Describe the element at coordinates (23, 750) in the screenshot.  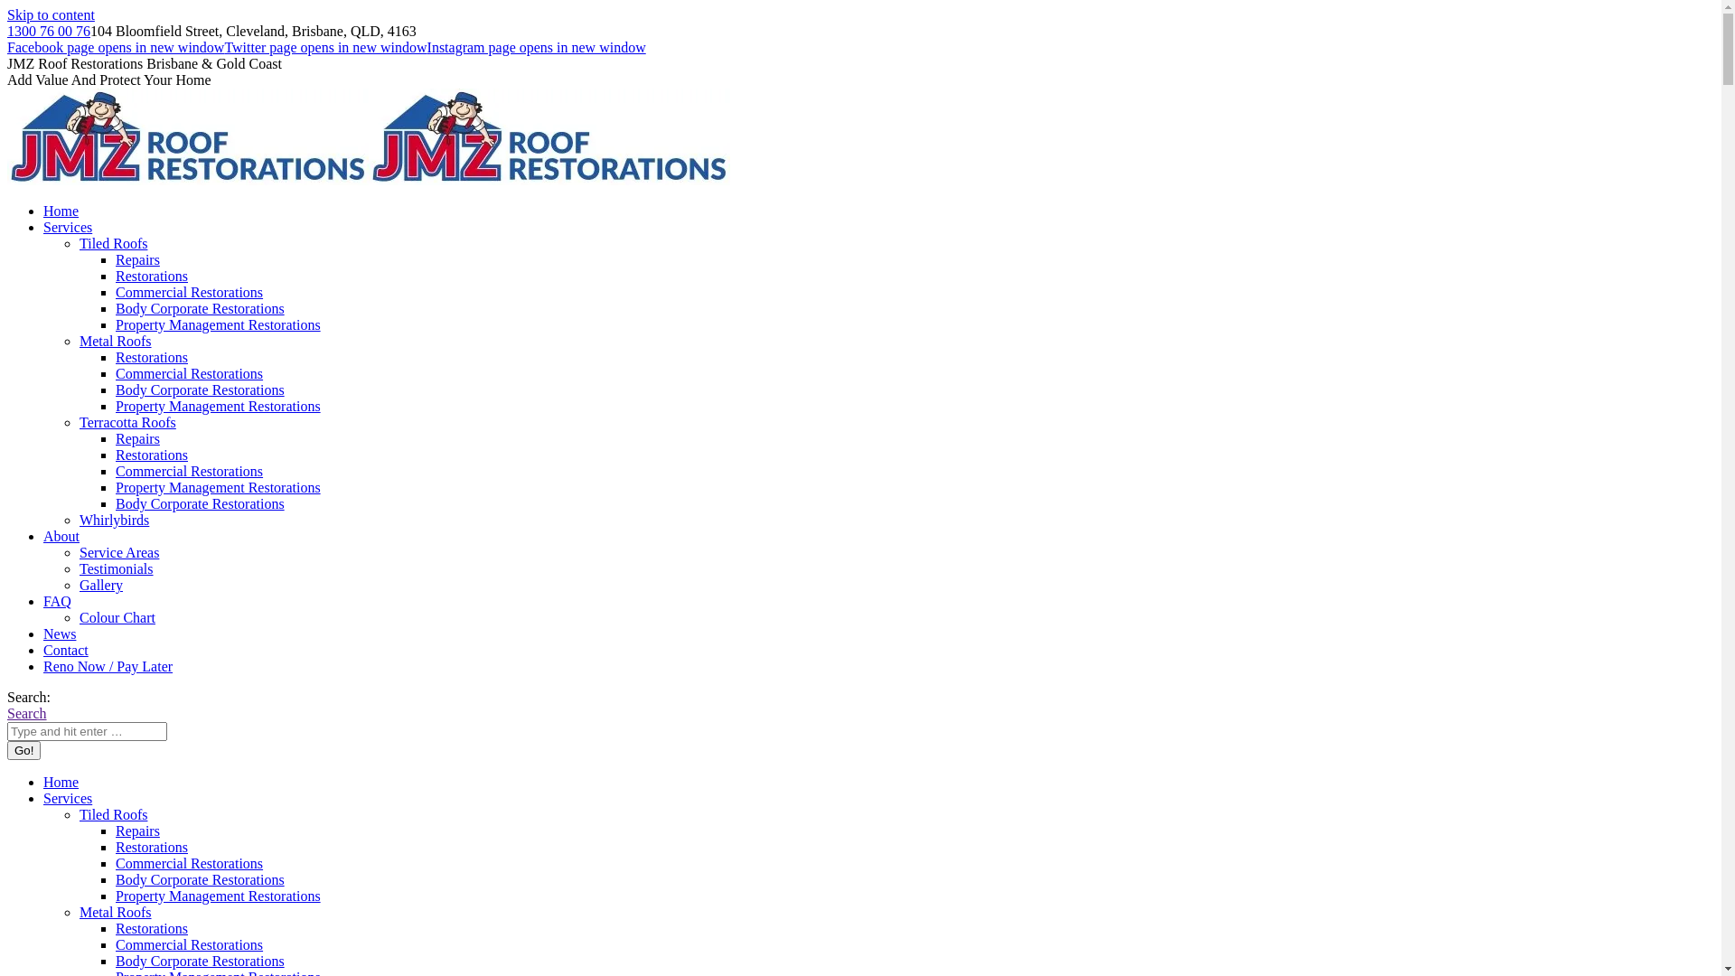
I see `'Go!'` at that location.